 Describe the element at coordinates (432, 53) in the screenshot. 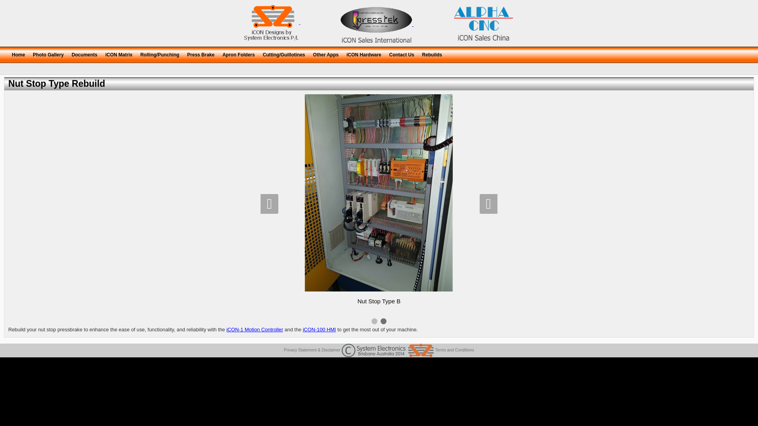

I see `'Rebuilds'` at that location.